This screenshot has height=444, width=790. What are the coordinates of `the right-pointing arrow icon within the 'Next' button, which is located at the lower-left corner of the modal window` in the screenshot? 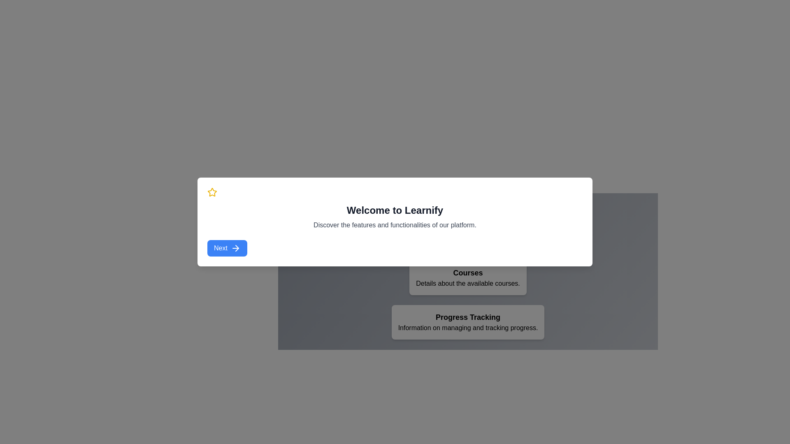 It's located at (235, 248).